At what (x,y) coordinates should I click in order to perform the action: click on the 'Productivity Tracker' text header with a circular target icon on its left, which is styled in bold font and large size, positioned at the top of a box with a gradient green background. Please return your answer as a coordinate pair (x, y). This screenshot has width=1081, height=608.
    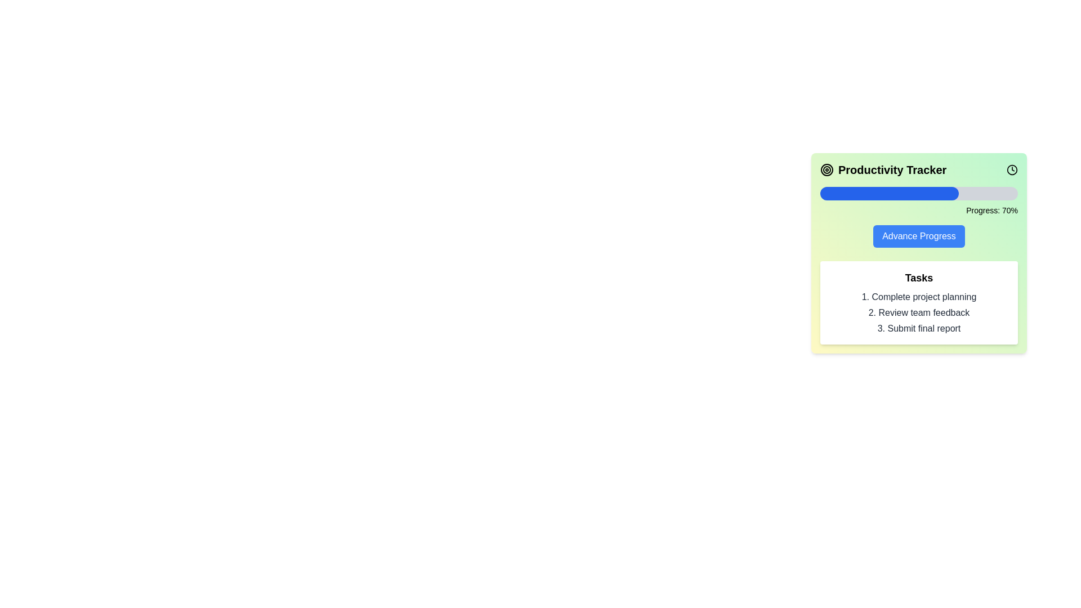
    Looking at the image, I should click on (883, 169).